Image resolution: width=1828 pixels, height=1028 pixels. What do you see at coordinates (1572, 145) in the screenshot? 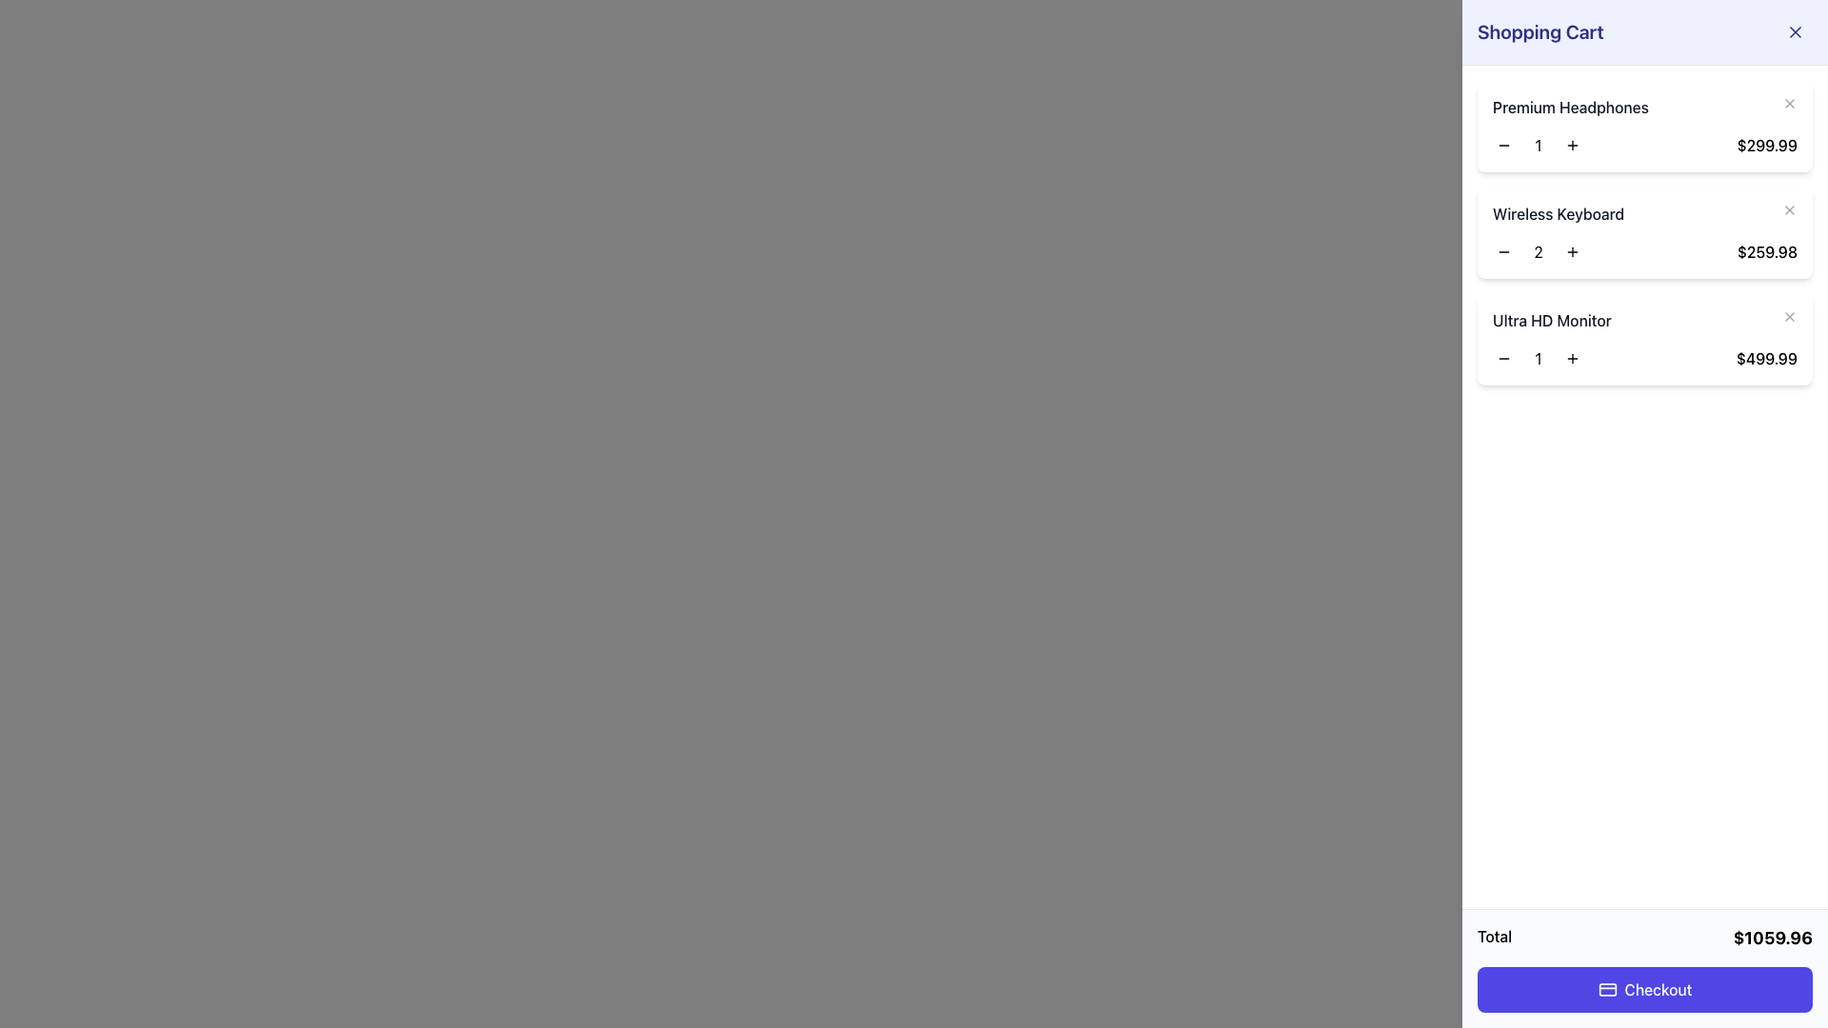
I see `the plus sign icon button located in the shopping cart interface next to the quantity indicator for 'Premium Headphones' to increase the item quantity` at bounding box center [1572, 145].